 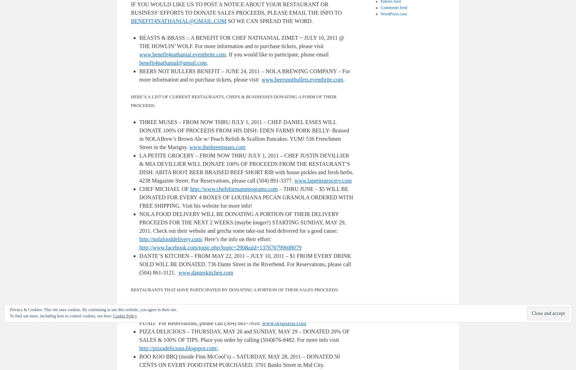 What do you see at coordinates (233, 101) in the screenshot?
I see `'HERE’S A LIST OF CURRENT RESTAURANTS, CHEFS & BUSINESSES DONATING A FORM OF THEIR PROCEEDS:'` at bounding box center [233, 101].